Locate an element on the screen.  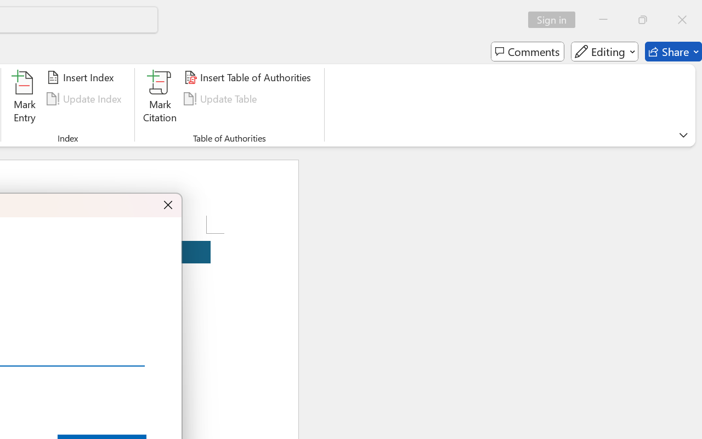
'Sign in' is located at coordinates (556, 19).